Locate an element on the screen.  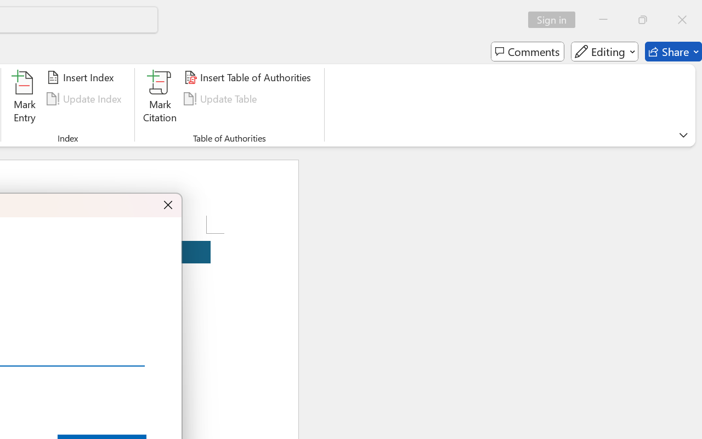
'Sign in' is located at coordinates (556, 19).